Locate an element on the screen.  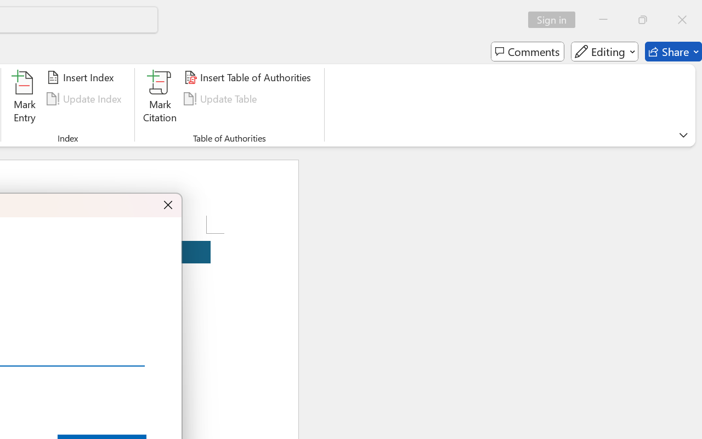
'Sign in' is located at coordinates (556, 19).